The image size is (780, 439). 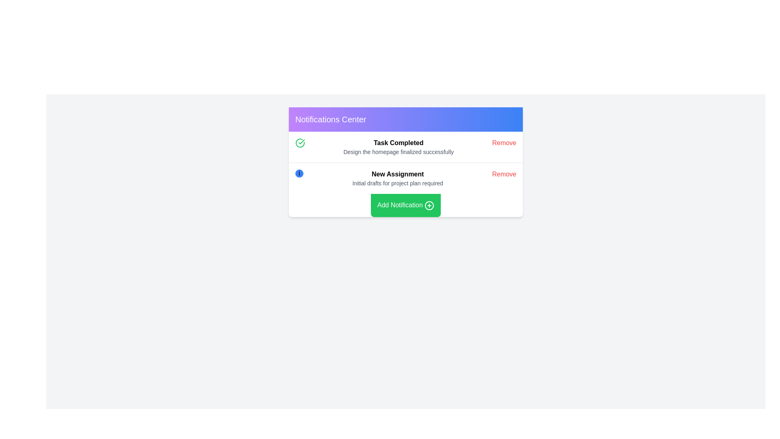 I want to click on the SVG circle element with a green outline that is part of the plus icon in the 'Add Notification' button located at the bottom center of the notification center area, so click(x=429, y=205).